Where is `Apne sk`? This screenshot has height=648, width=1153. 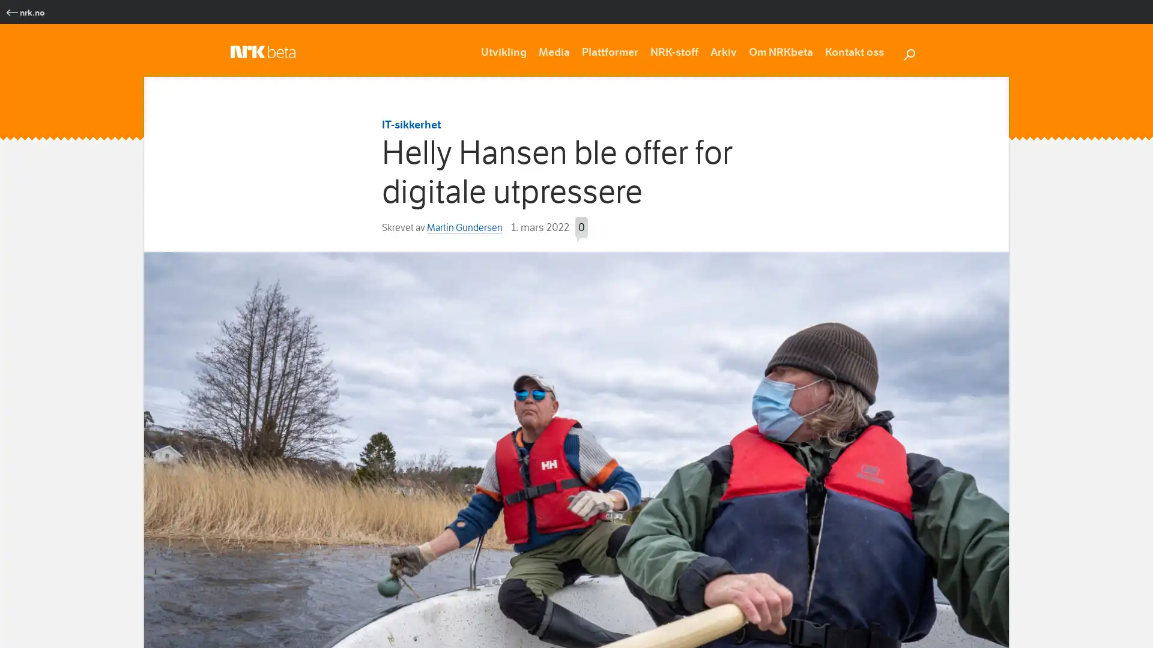 Apne sk is located at coordinates (909, 52).